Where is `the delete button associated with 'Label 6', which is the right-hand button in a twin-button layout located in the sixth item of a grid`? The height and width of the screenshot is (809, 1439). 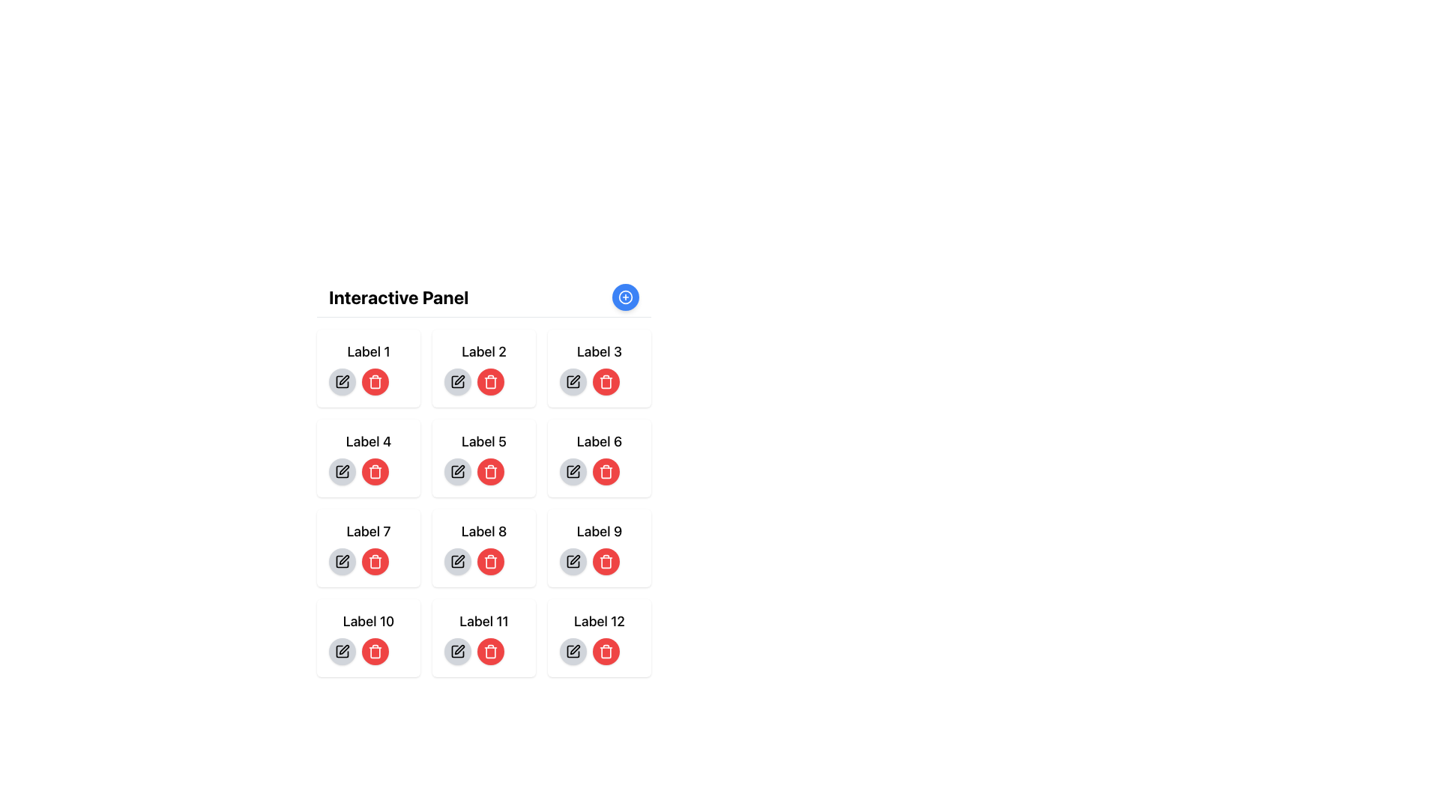
the delete button associated with 'Label 6', which is the right-hand button in a twin-button layout located in the sixth item of a grid is located at coordinates (600, 470).